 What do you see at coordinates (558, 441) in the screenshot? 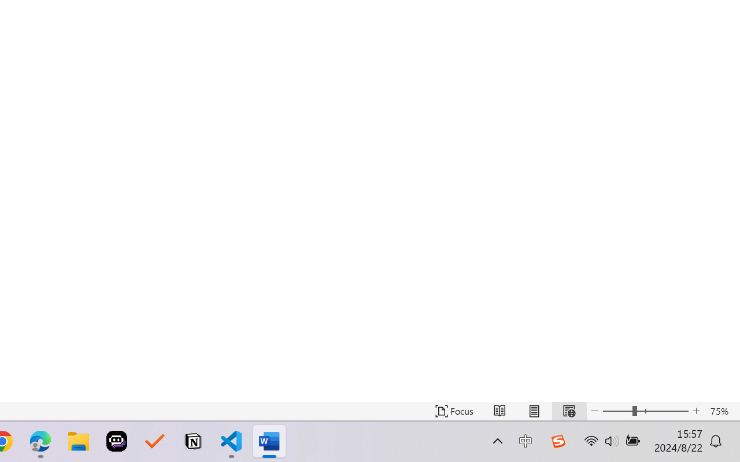
I see `'Class: Image'` at bounding box center [558, 441].